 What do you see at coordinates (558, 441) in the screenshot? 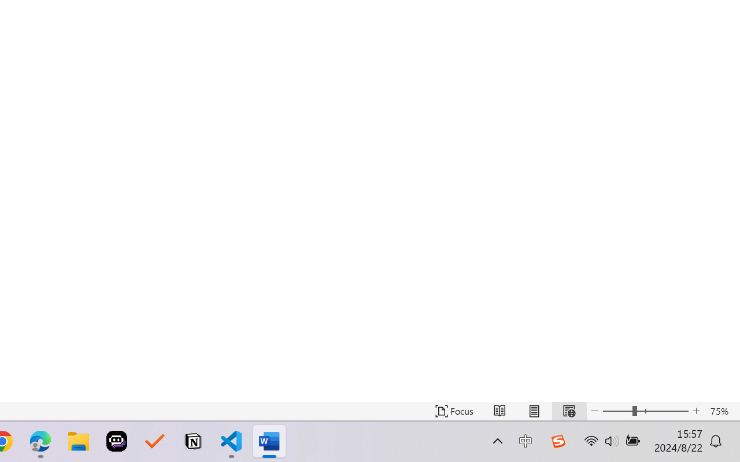
I see `'Class: Image'` at bounding box center [558, 441].